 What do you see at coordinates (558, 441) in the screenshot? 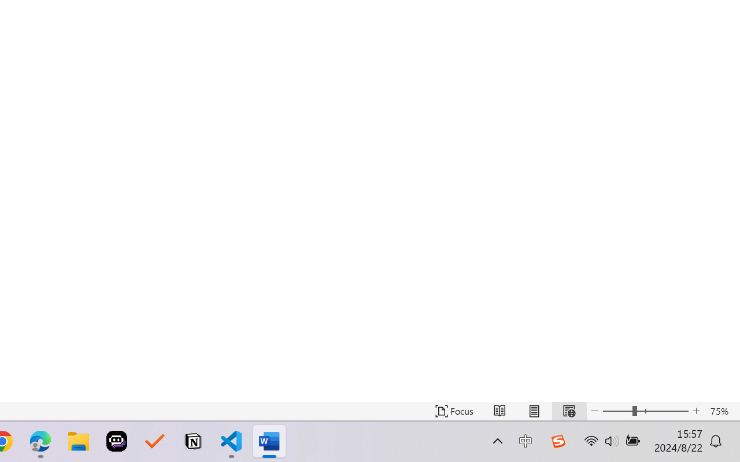
I see `'Class: Image'` at bounding box center [558, 441].